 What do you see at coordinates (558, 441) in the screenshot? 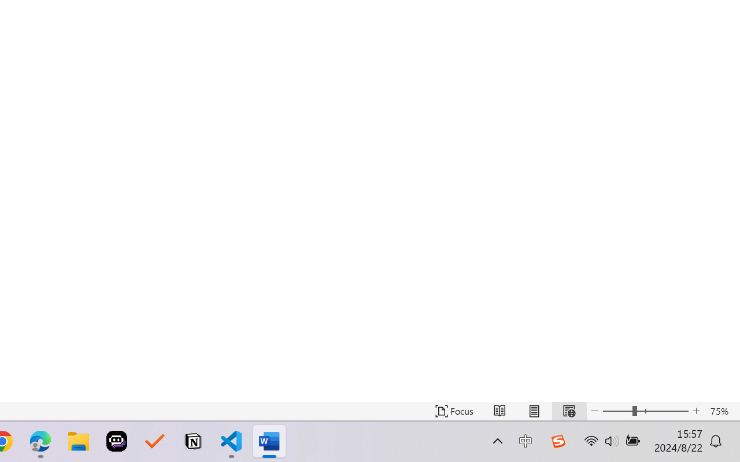
I see `'Class: Image'` at bounding box center [558, 441].